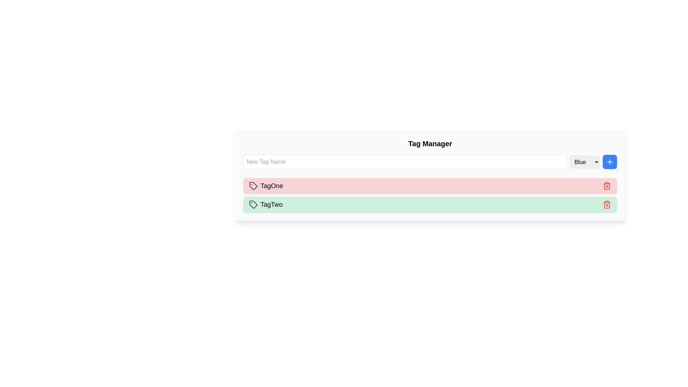  Describe the element at coordinates (430, 204) in the screenshot. I see `the second list item` at that location.